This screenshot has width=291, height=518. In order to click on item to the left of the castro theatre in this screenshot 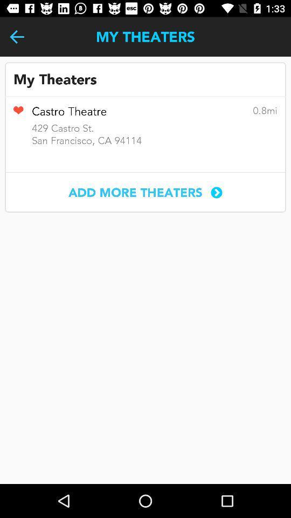, I will do `click(18, 114)`.